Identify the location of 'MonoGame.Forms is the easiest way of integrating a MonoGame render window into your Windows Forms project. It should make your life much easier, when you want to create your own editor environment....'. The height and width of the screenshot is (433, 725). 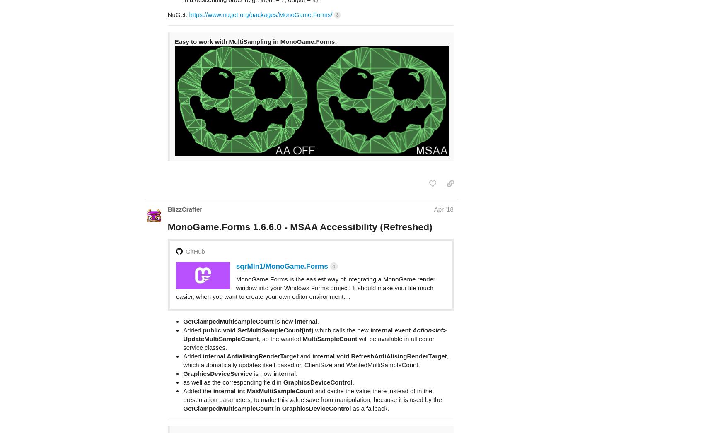
(305, 255).